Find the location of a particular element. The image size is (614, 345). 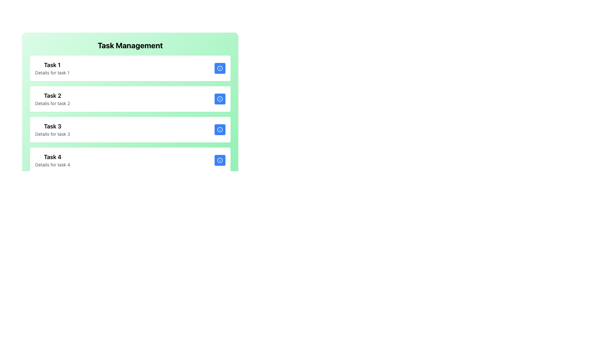

the Text block (heading and description) that serves as a summary for a task, located in the second row of the vertically arranged task list, between 'Task 1' and 'Task 3' is located at coordinates (52, 99).